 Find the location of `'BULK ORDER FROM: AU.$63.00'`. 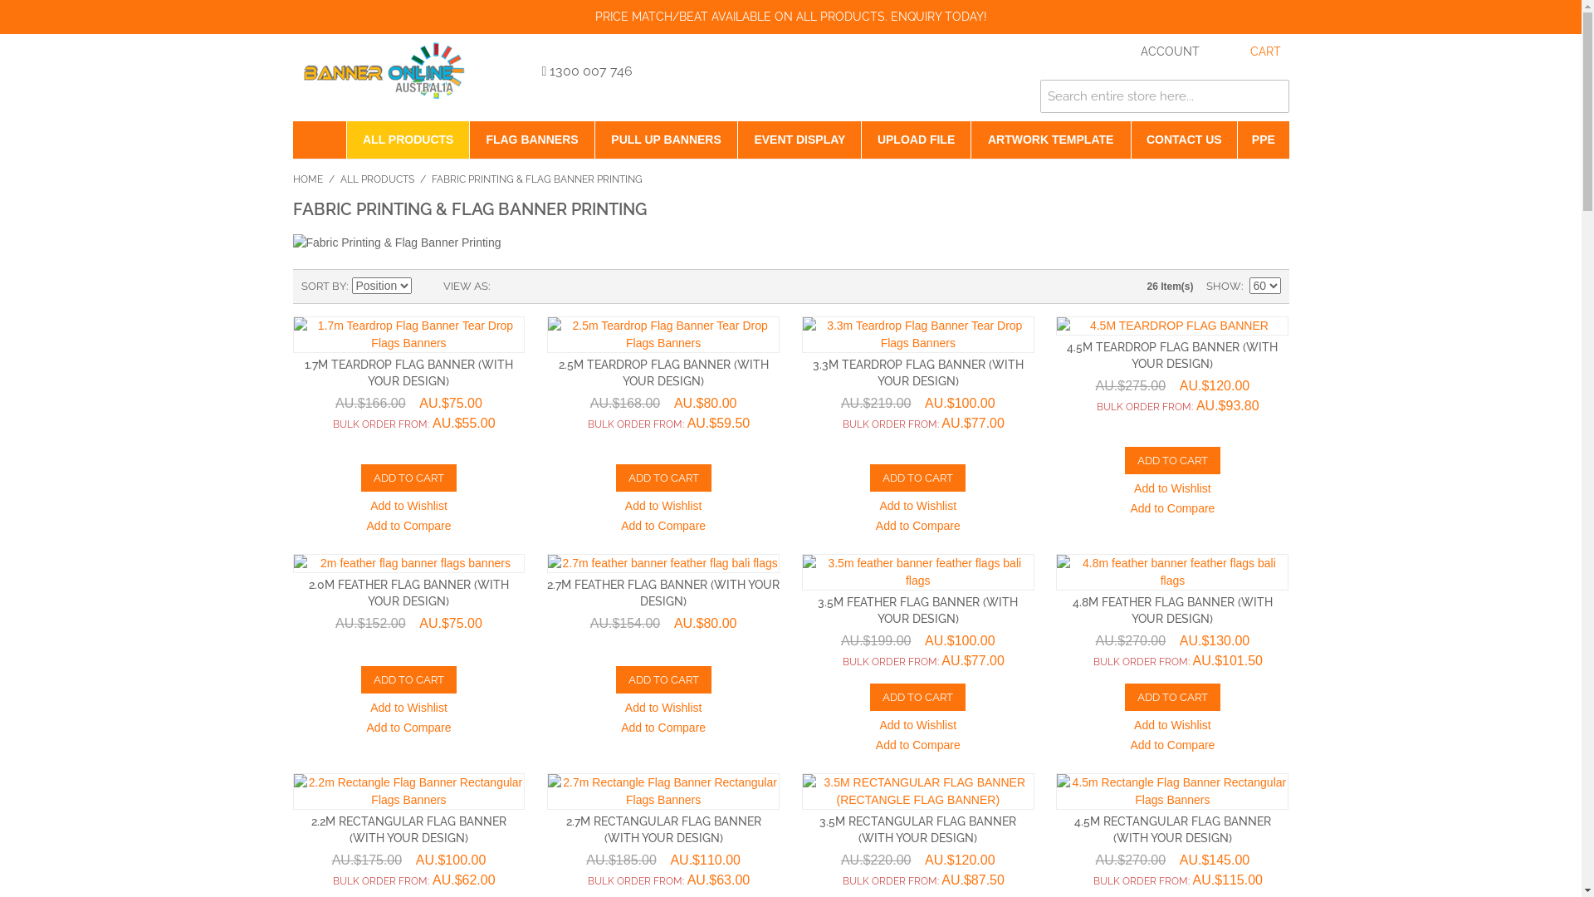

'BULK ORDER FROM: AU.$63.00' is located at coordinates (662, 880).